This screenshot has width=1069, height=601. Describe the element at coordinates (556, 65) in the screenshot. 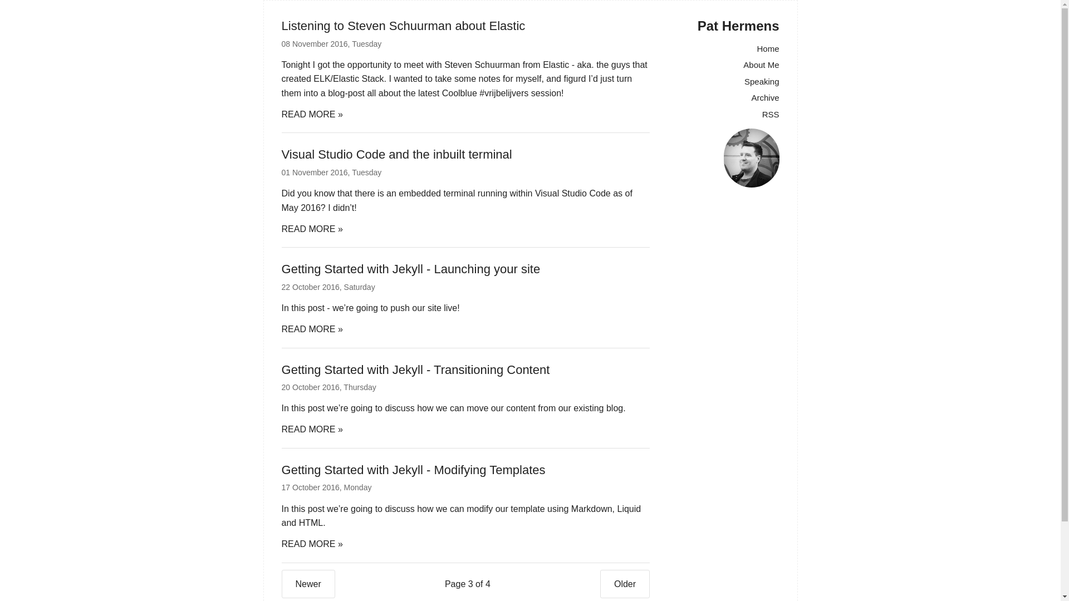

I see `'Elastic'` at that location.